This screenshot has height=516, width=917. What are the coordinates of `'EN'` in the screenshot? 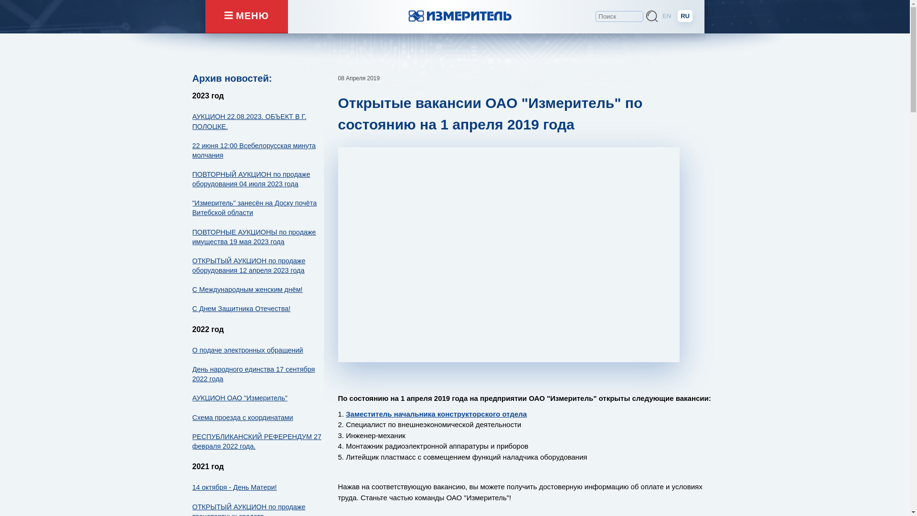 It's located at (659, 16).